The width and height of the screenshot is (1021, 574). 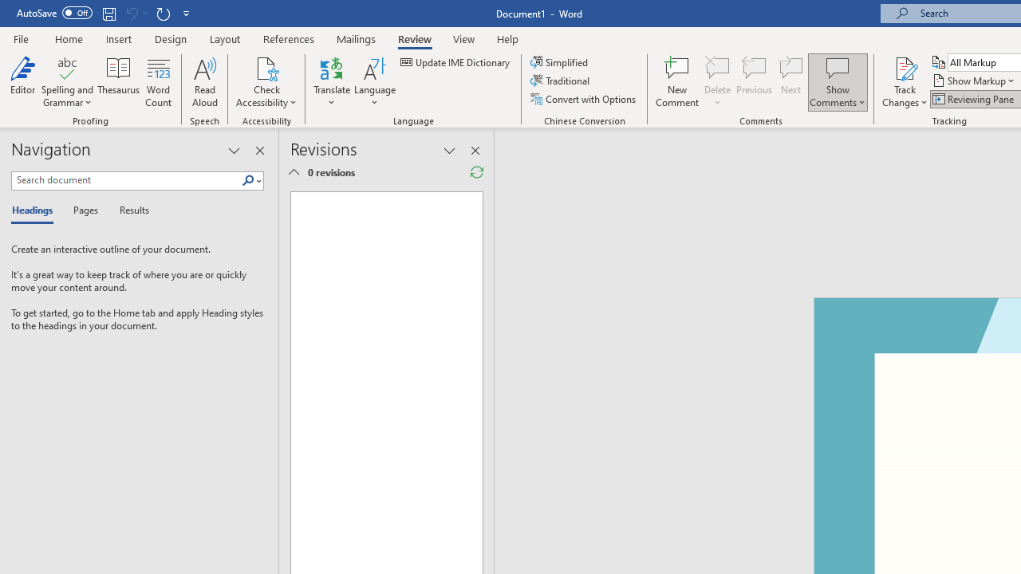 What do you see at coordinates (837, 67) in the screenshot?
I see `'Show Comments'` at bounding box center [837, 67].